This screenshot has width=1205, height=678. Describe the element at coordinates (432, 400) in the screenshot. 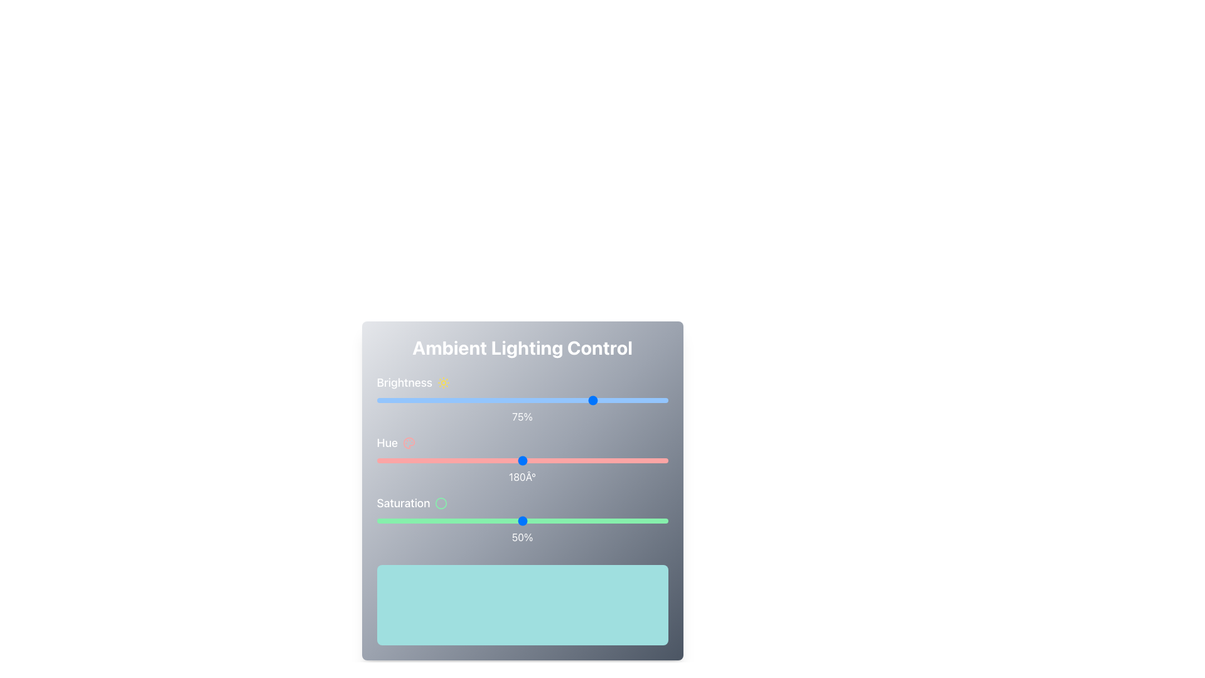

I see `brightness` at that location.